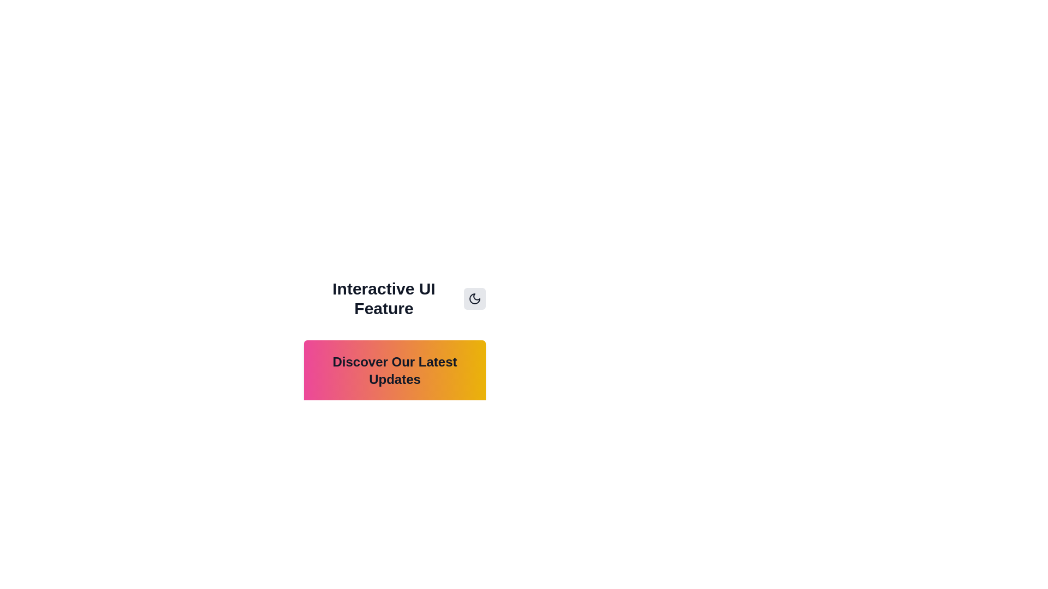 The width and height of the screenshot is (1048, 589). What do you see at coordinates (474, 298) in the screenshot?
I see `the toggle button for light and dark modes located to the right of the title text 'Interactive UI Feature' to change its background color` at bounding box center [474, 298].